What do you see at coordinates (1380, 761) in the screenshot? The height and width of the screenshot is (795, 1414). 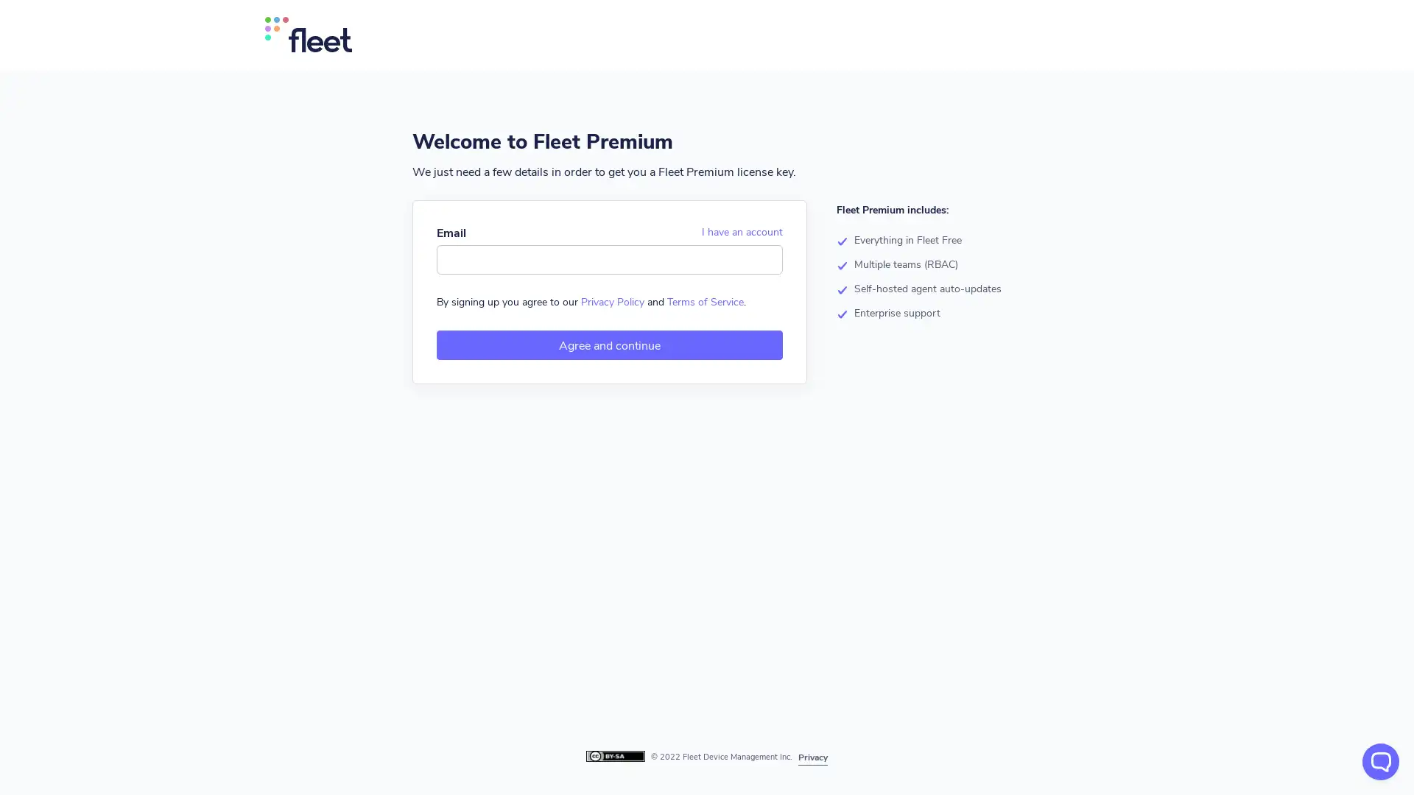 I see `Open chat widget` at bounding box center [1380, 761].